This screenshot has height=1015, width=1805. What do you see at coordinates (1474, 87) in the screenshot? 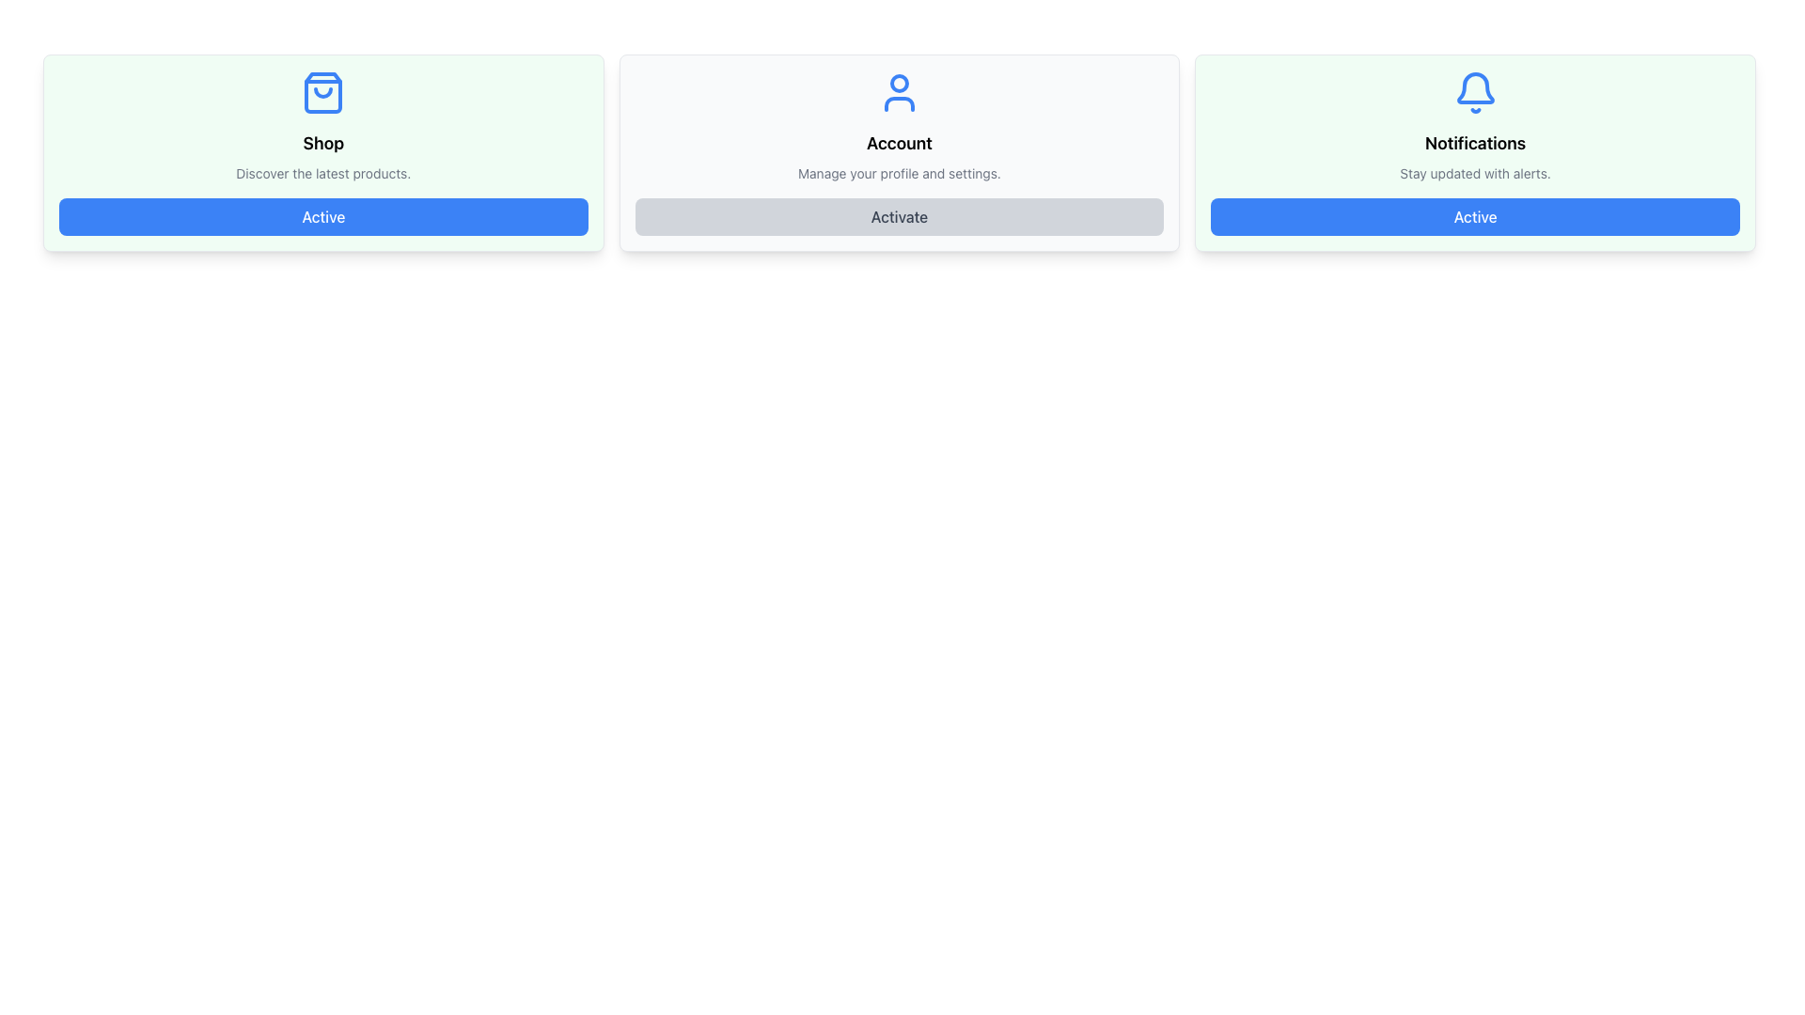
I see `the bell-shaped icon with a blue outline on a light green background, located within the 'Notifications' card, above the text 'Notifications'` at bounding box center [1474, 87].